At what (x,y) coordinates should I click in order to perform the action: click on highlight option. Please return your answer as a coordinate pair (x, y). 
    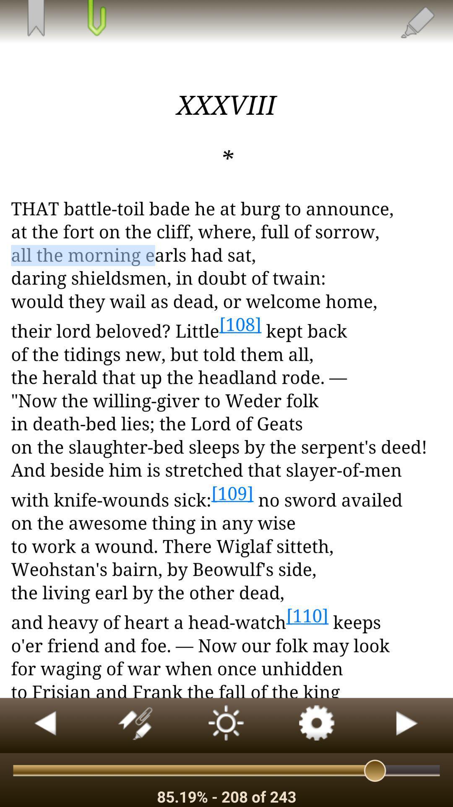
    Looking at the image, I should click on (417, 22).